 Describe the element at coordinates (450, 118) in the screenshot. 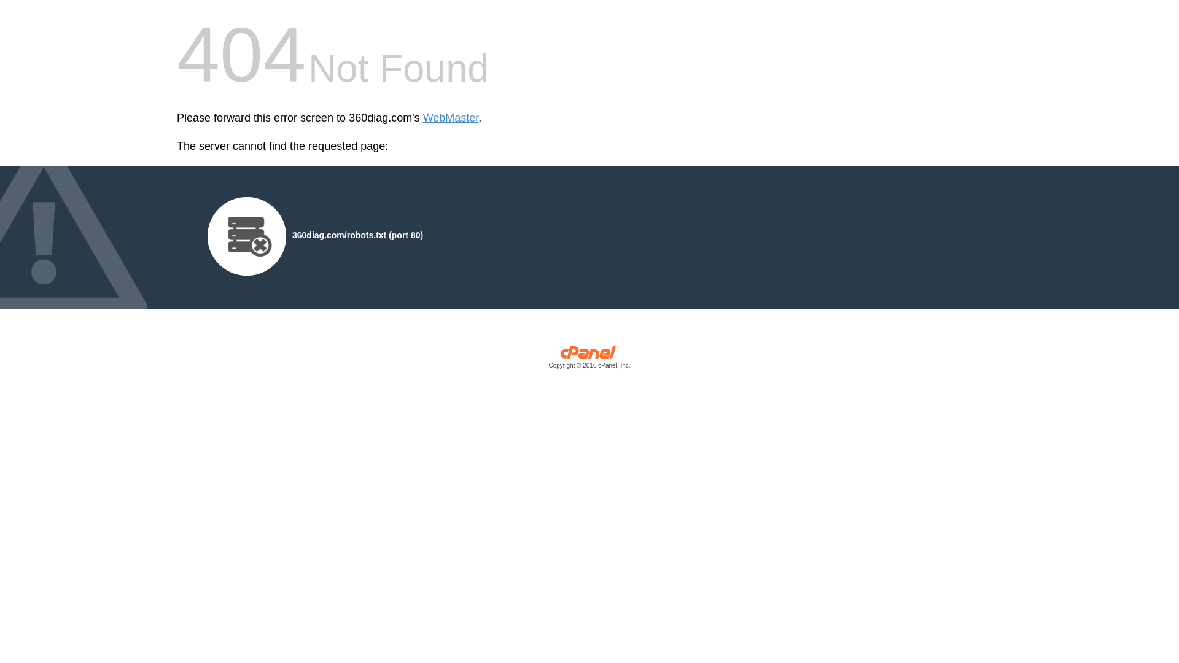

I see `'WebMaster'` at that location.